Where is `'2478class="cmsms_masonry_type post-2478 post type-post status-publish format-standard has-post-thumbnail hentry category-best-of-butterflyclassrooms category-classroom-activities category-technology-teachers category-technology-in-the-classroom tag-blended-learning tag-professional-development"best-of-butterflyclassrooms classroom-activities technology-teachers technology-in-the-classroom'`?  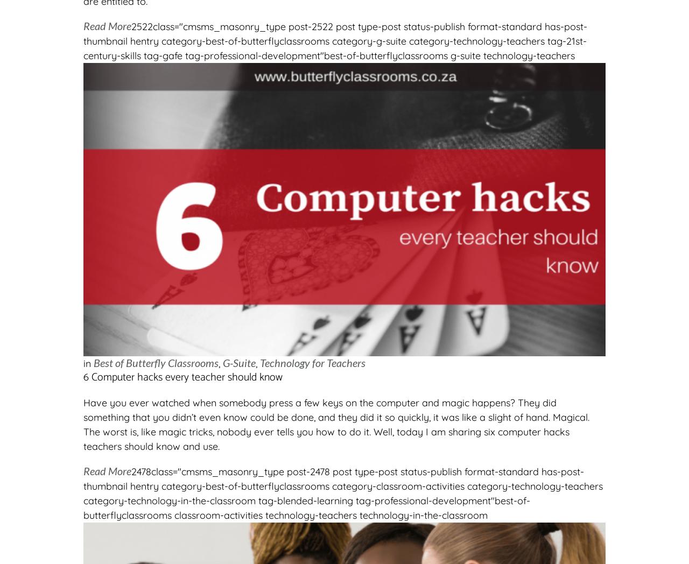 '2478class="cmsms_masonry_type post-2478 post type-post status-publish format-standard has-post-thumbnail hentry category-best-of-butterflyclassrooms category-classroom-activities category-technology-teachers category-technology-in-the-classroom tag-blended-learning tag-professional-development"best-of-butterflyclassrooms classroom-activities technology-teachers technology-in-the-classroom' is located at coordinates (342, 493).